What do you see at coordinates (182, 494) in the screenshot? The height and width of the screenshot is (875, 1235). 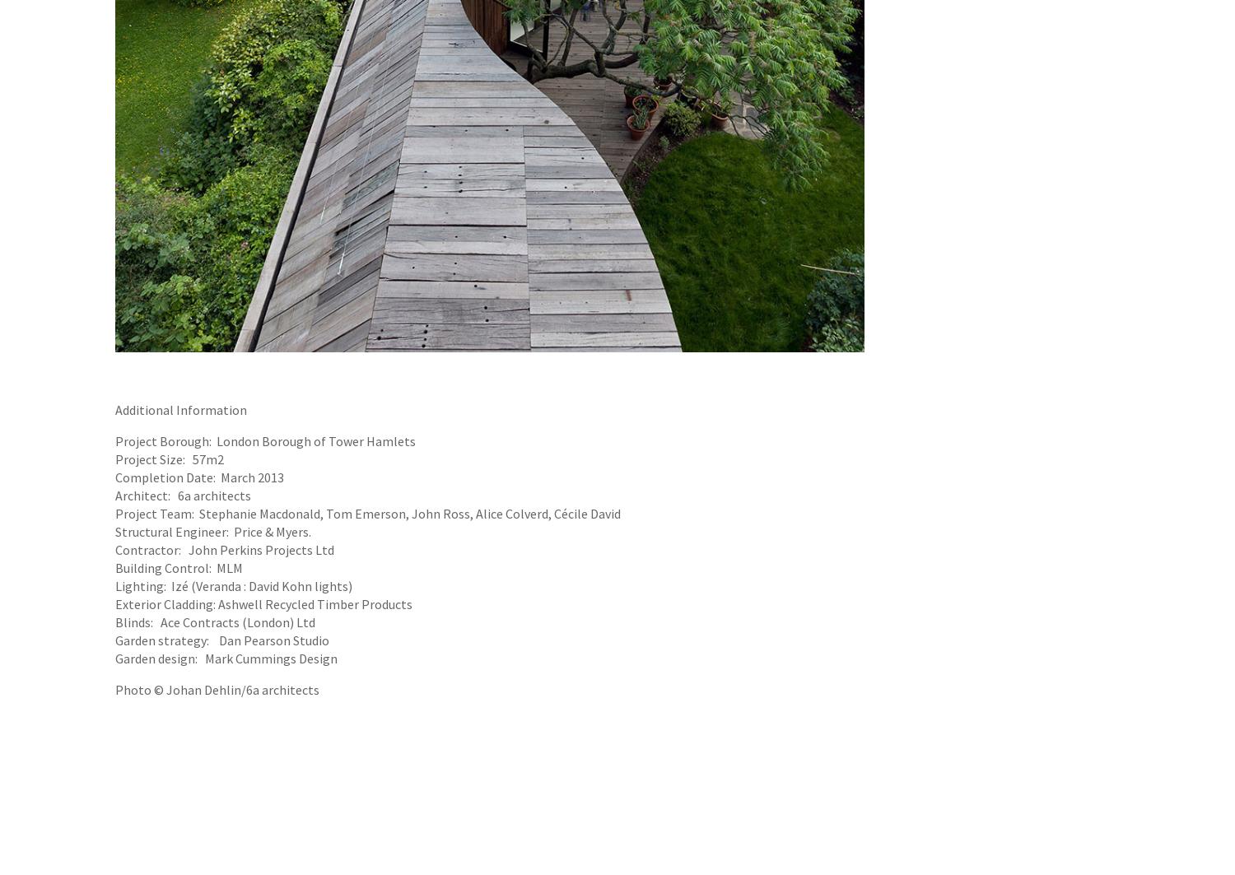 I see `'Architect:   6a architects'` at bounding box center [182, 494].